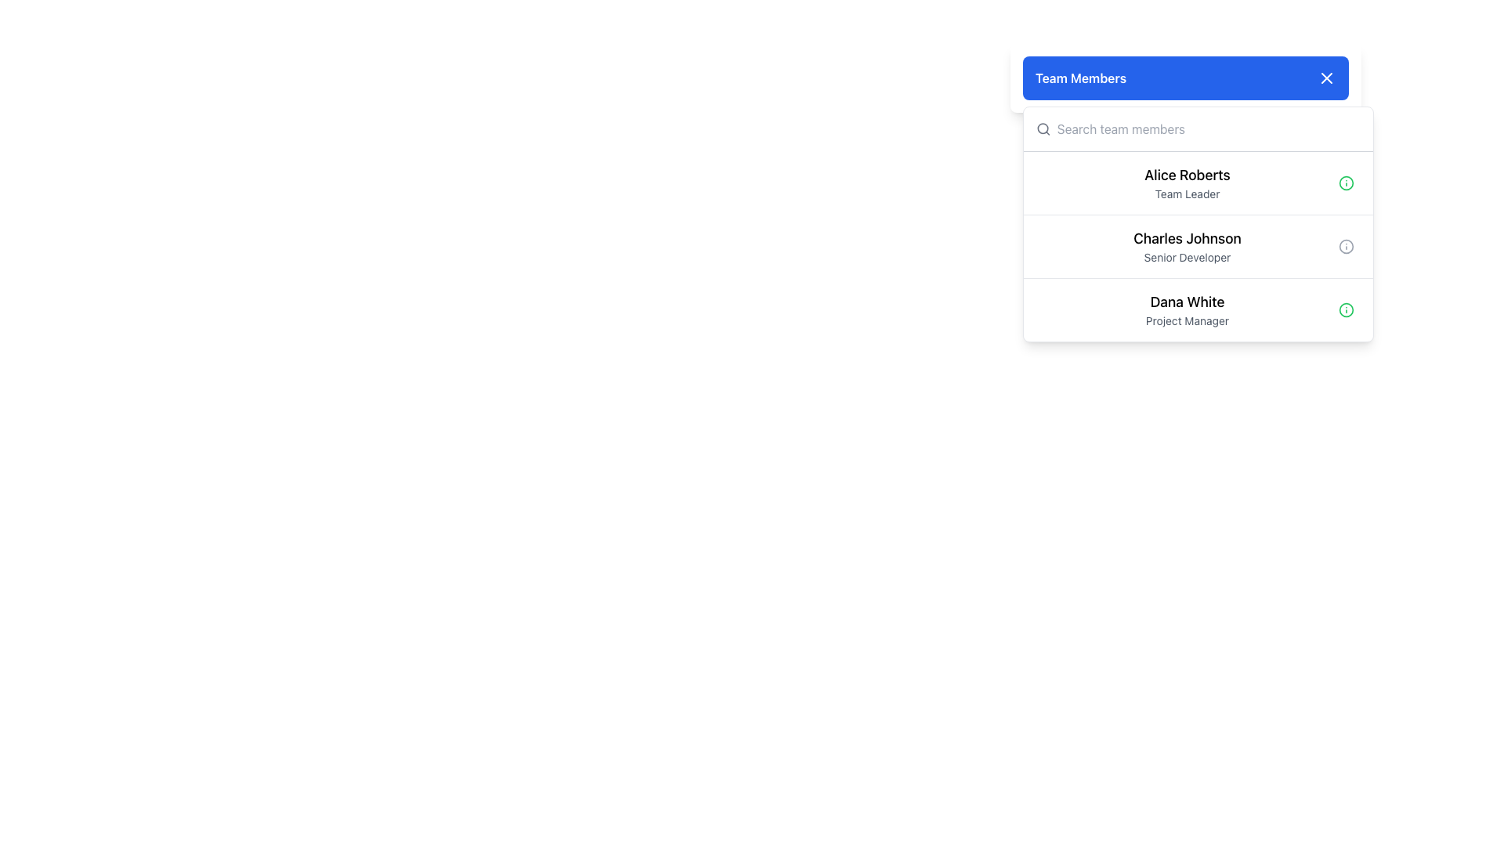  I want to click on the information icon on the right side of the user entry for 'Charles Johnson Senior Developer', so click(1345, 247).